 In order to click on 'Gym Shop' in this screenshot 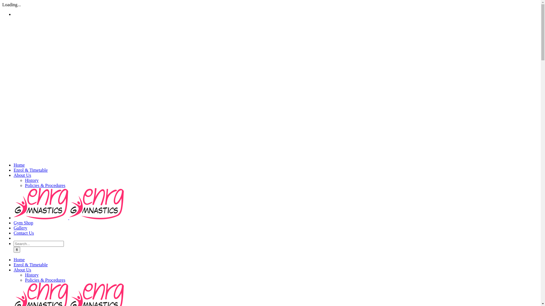, I will do `click(23, 222)`.